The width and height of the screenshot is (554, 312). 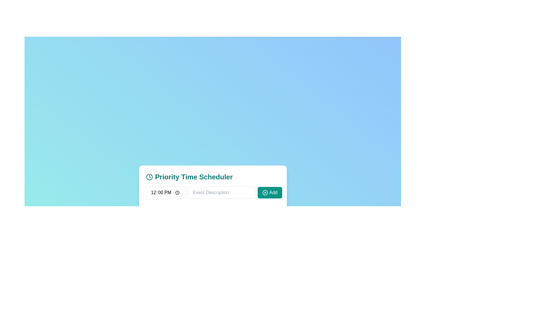 What do you see at coordinates (269, 193) in the screenshot?
I see `the 'Add' button with a teal background and rounded corners` at bounding box center [269, 193].